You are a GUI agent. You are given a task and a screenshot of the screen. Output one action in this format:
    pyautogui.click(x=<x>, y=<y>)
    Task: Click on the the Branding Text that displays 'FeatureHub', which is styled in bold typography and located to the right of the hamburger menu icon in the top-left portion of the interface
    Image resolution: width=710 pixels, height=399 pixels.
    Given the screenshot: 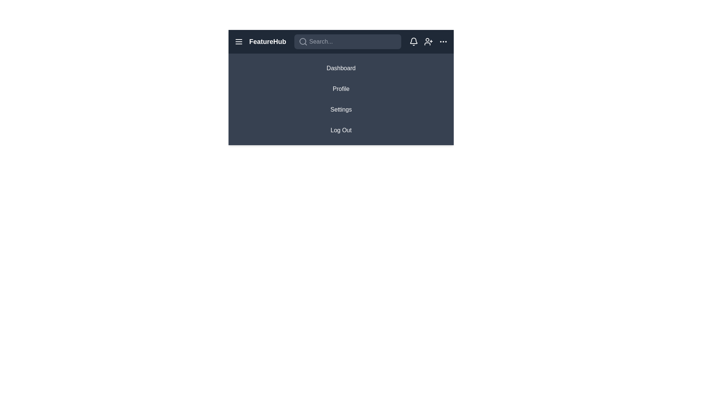 What is the action you would take?
    pyautogui.click(x=260, y=41)
    